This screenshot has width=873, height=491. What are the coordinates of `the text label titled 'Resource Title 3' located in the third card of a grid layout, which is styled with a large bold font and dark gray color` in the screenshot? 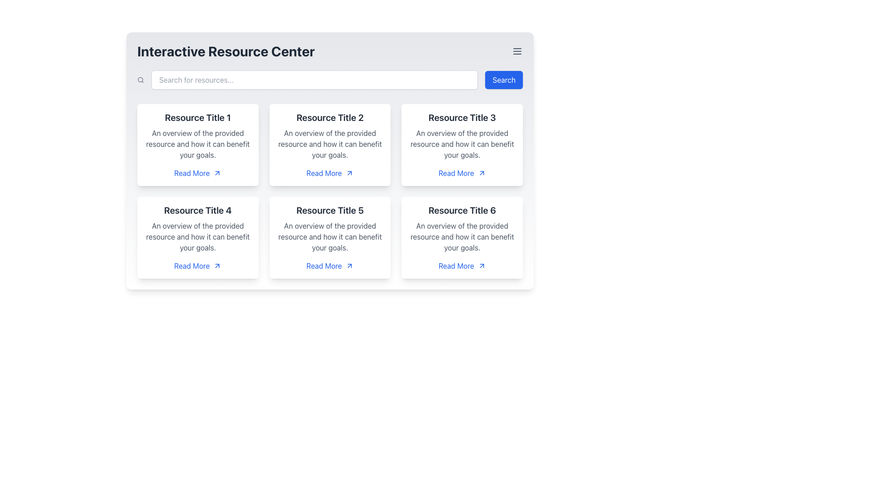 It's located at (462, 117).